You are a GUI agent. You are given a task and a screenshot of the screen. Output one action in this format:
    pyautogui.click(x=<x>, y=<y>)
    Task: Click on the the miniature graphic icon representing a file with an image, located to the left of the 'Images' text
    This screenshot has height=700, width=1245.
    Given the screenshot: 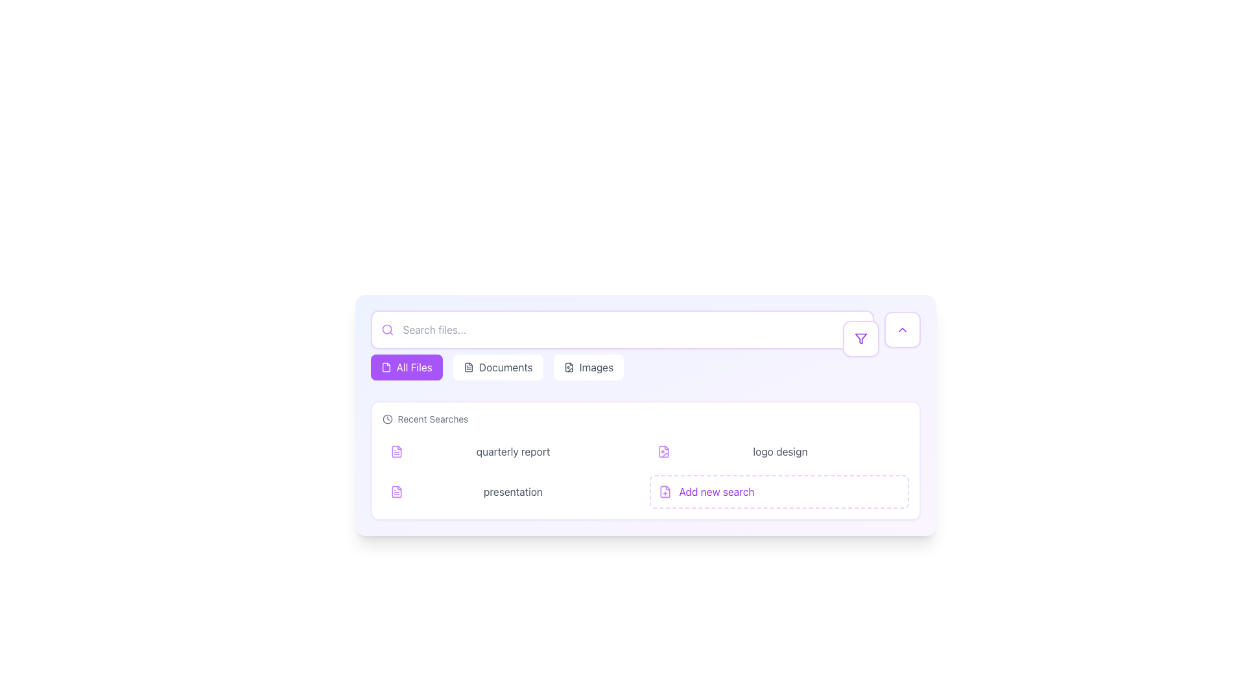 What is the action you would take?
    pyautogui.click(x=569, y=367)
    